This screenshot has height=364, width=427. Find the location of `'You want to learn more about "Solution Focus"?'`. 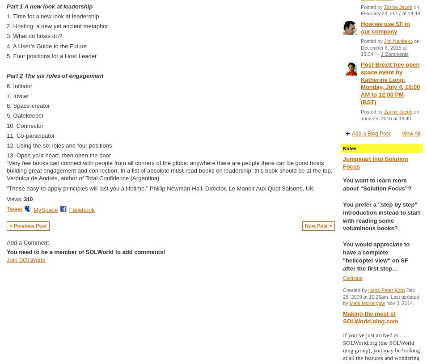

'You want to learn more about "Solution Focus"?' is located at coordinates (377, 184).